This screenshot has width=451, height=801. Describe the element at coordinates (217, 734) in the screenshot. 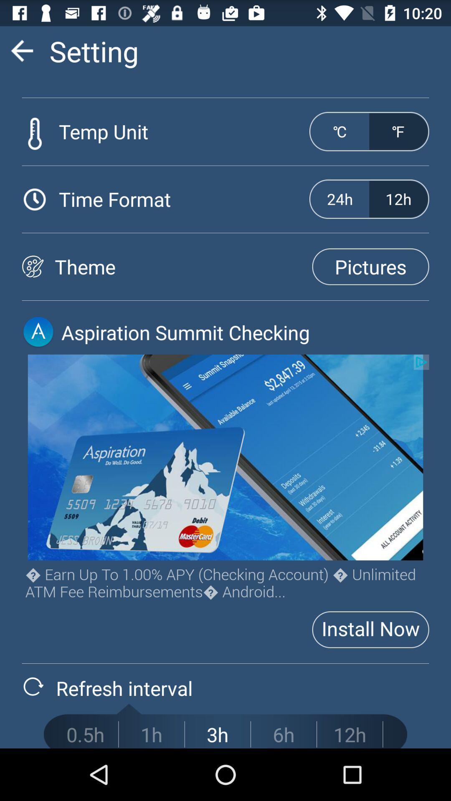

I see `the text 3h shown in between 1h and 6h` at that location.